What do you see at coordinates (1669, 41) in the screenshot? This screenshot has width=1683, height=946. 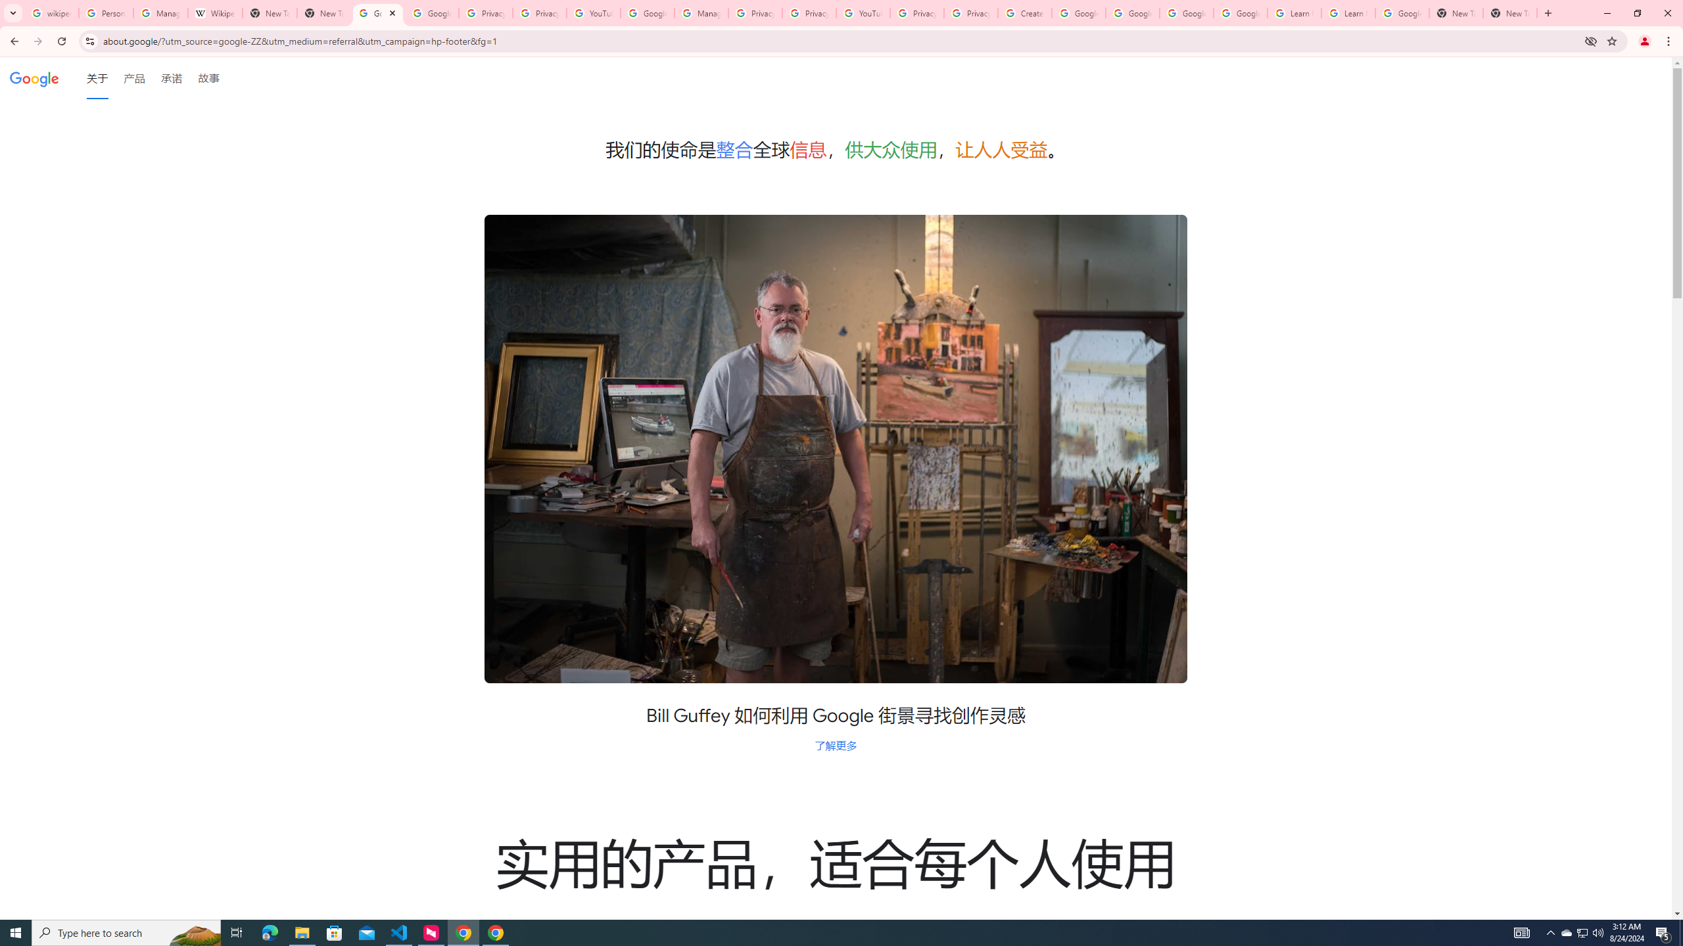 I see `'Chrome'` at bounding box center [1669, 41].